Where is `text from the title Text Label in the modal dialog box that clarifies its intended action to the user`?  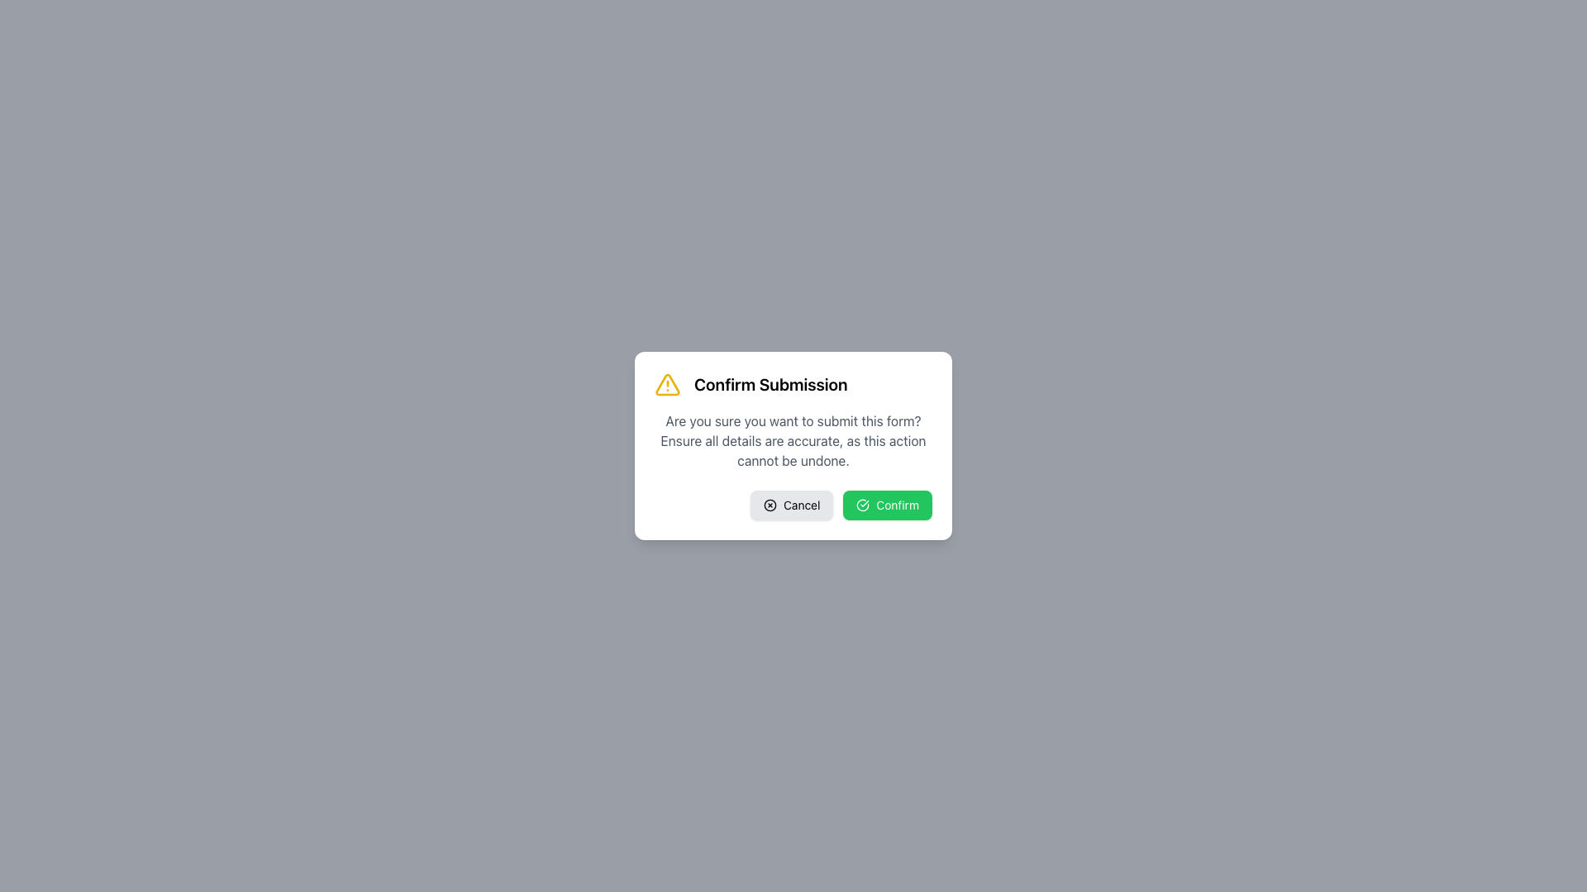
text from the title Text Label in the modal dialog box that clarifies its intended action to the user is located at coordinates (770, 385).